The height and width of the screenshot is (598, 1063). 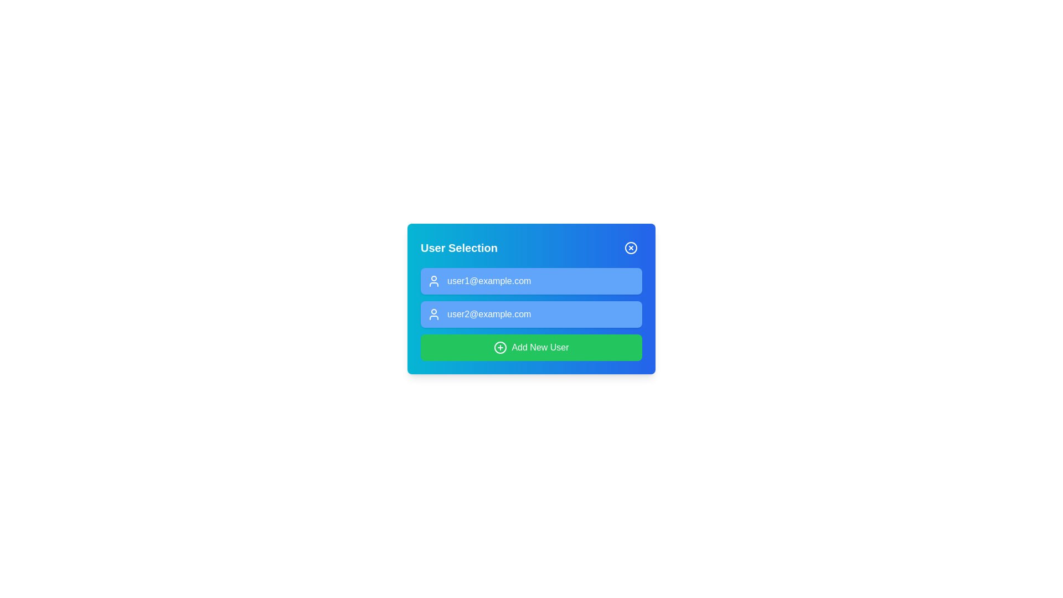 I want to click on the dialog title area to inspect it, so click(x=459, y=247).